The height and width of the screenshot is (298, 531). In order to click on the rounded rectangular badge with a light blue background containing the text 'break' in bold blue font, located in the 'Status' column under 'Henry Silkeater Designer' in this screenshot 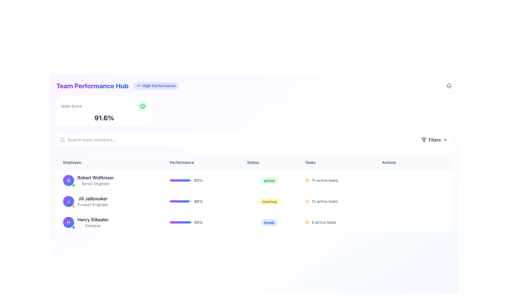, I will do `click(269, 222)`.